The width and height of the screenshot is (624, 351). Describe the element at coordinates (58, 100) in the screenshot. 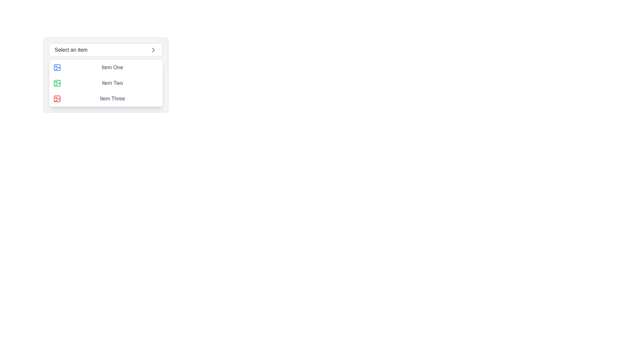

I see `the icon representing 'Item Three' in the dropdown menu under the 'Select an item' label` at that location.